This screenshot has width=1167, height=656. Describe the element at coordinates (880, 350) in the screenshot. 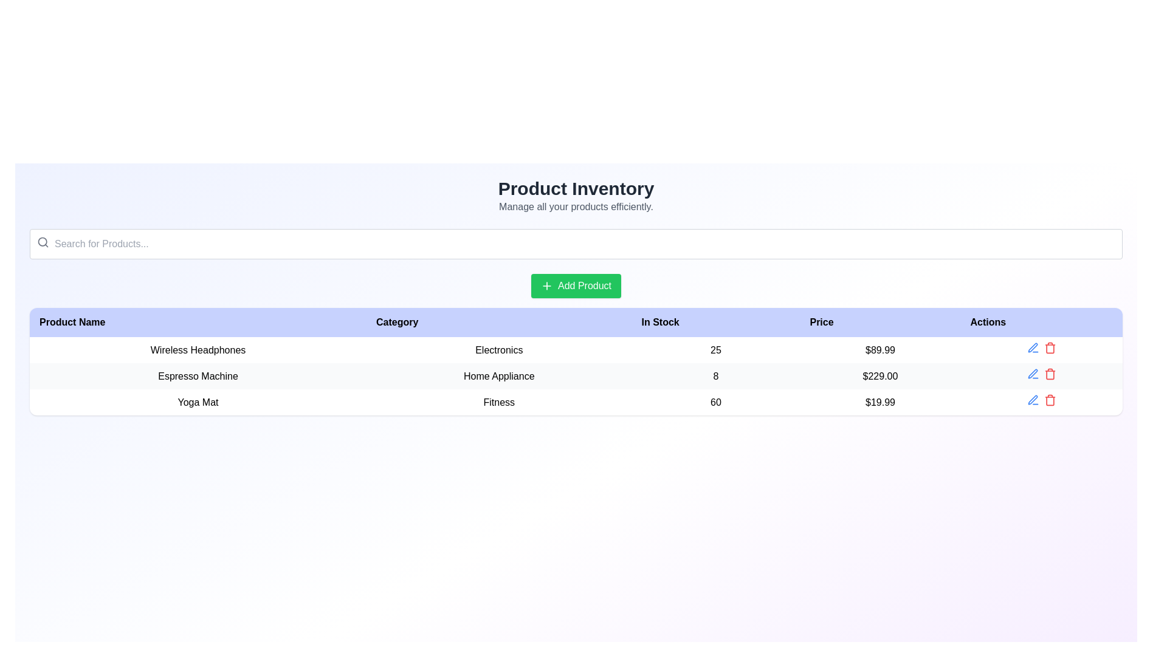

I see `the Price text label displaying the price of the Wireless Headphones in the first row of the table` at that location.